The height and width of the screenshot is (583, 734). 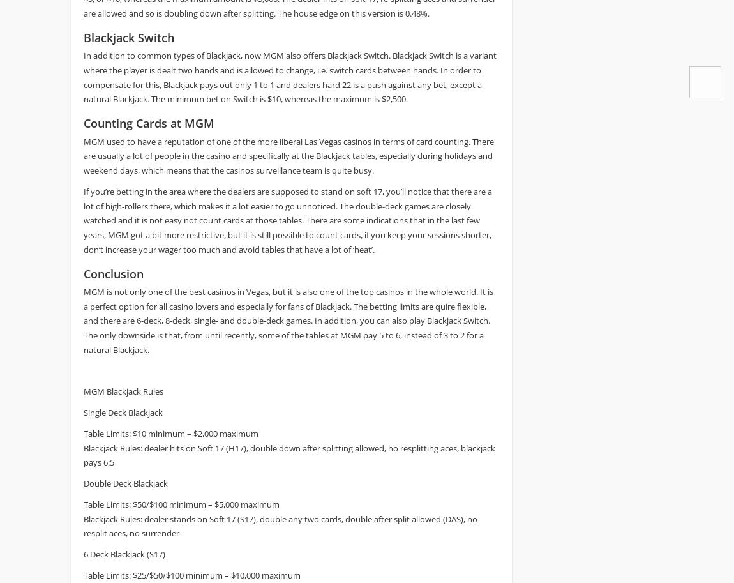 What do you see at coordinates (290, 77) in the screenshot?
I see `'In addition to common types of Blackjack, now MGM also offers Blackjack Switch. Blackjack Switch is a variant where the player is dealt two hands and is allowed to change, i.e. switch cards between hands. In order to compensate for this, Blackjack pays out only 1 to 1 and dealers hard 22 is a push against any bet, except a natural Blackjack. The minimum bet on Switch is $10, whereas the maximum is $2,500.'` at bounding box center [290, 77].